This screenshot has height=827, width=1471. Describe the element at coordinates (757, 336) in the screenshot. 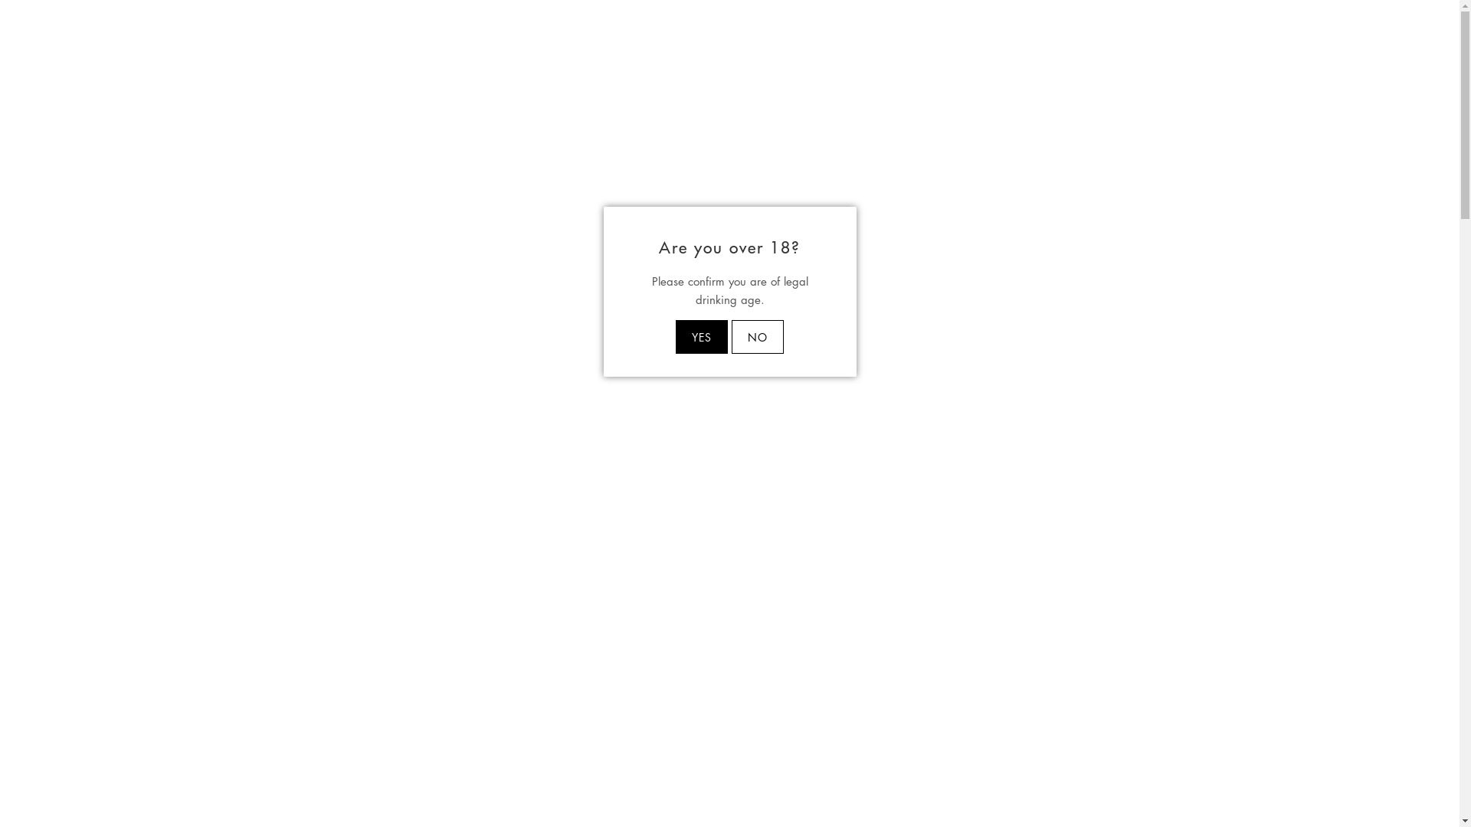

I see `'NO'` at that location.